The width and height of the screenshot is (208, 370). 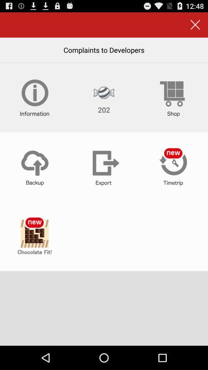 What do you see at coordinates (34, 167) in the screenshot?
I see `backup the data` at bounding box center [34, 167].